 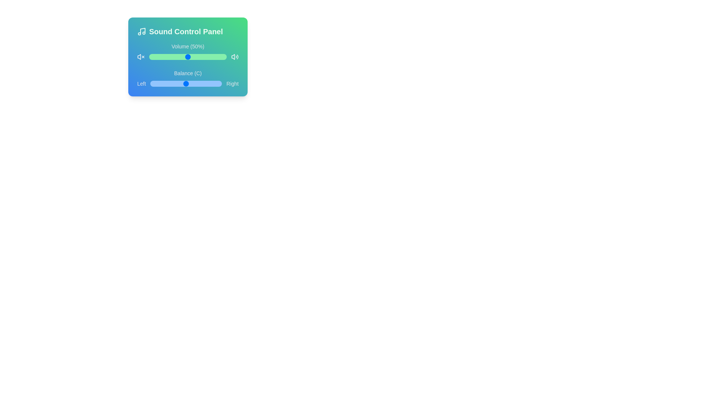 What do you see at coordinates (195, 83) in the screenshot?
I see `balance` at bounding box center [195, 83].